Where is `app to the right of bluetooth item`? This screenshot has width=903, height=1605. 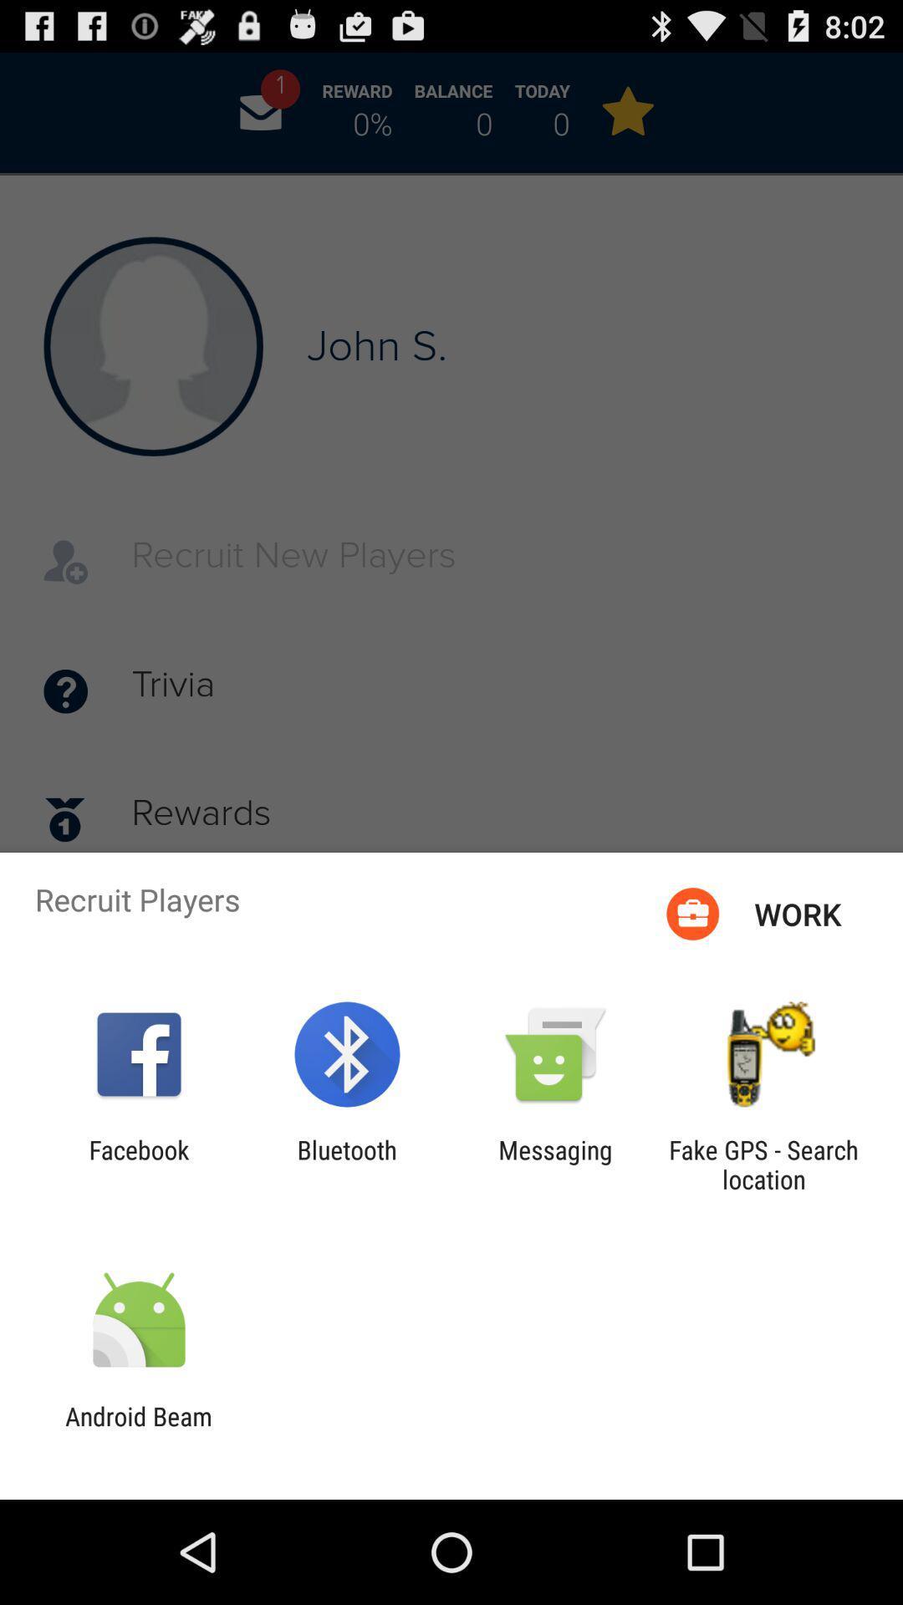
app to the right of bluetooth item is located at coordinates (555, 1164).